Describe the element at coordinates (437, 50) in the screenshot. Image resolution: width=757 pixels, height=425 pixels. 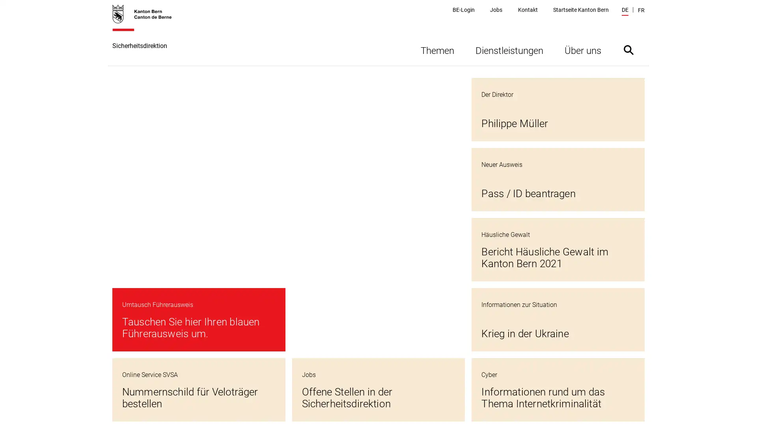
I see `Themen` at that location.